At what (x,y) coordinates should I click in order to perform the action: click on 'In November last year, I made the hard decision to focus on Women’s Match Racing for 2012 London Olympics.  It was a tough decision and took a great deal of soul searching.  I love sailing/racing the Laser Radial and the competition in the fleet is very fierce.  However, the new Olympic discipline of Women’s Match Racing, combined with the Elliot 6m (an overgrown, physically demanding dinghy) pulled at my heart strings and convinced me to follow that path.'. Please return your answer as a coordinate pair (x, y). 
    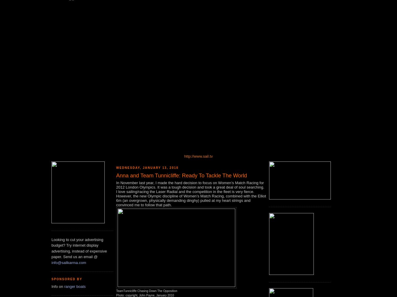
    Looking at the image, I should click on (191, 194).